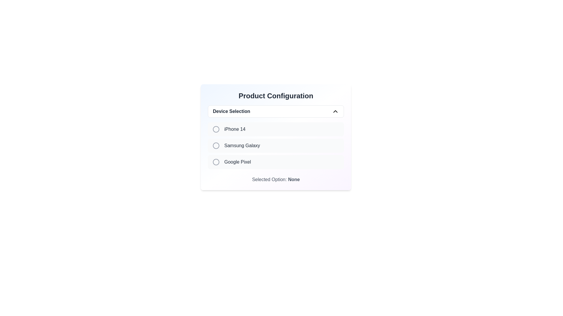 This screenshot has width=563, height=316. I want to click on the 'Google Pixel' radio button option, which is the last option in the vertical list below 'Samsung Galaxy', so click(275, 162).